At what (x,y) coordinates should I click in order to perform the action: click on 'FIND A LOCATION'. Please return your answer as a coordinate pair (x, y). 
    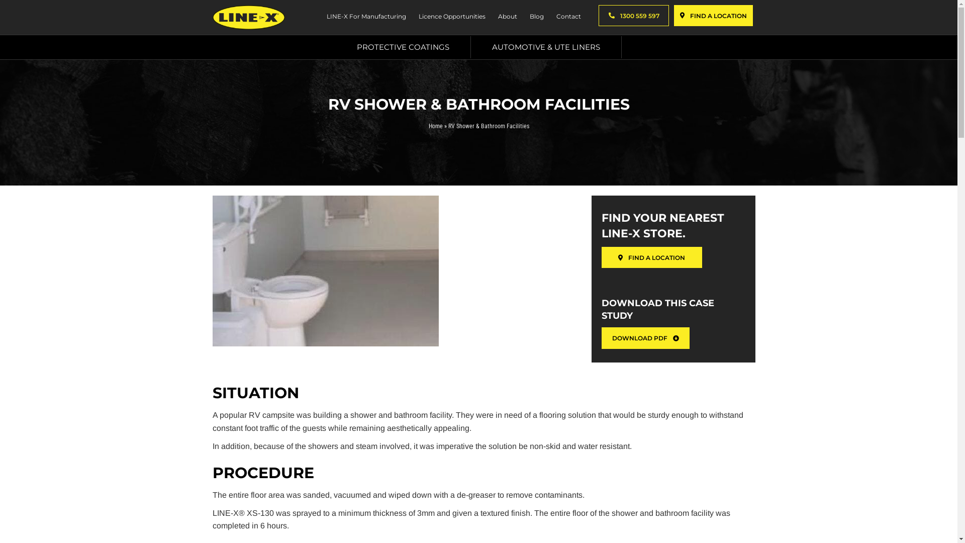
    Looking at the image, I should click on (713, 15).